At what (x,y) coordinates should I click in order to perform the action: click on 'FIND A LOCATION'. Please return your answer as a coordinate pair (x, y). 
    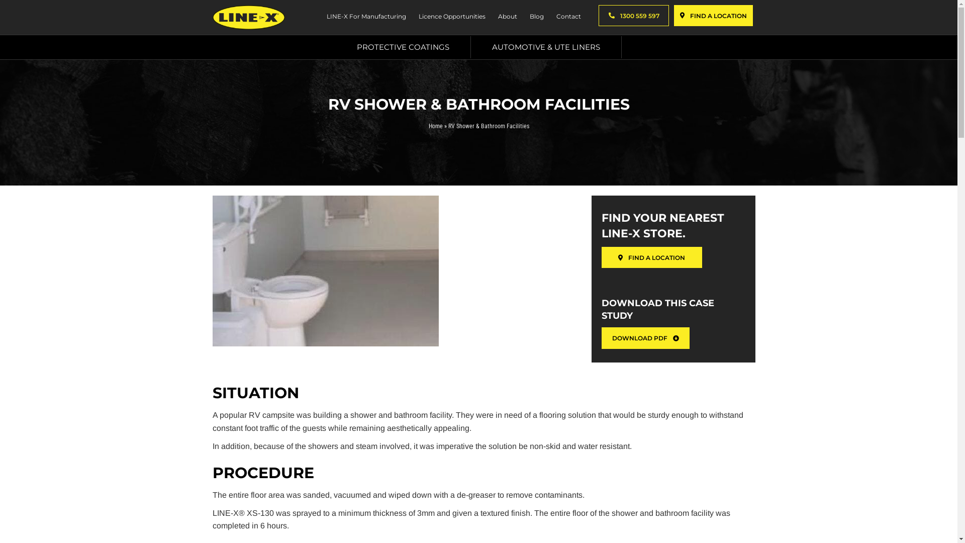
    Looking at the image, I should click on (713, 15).